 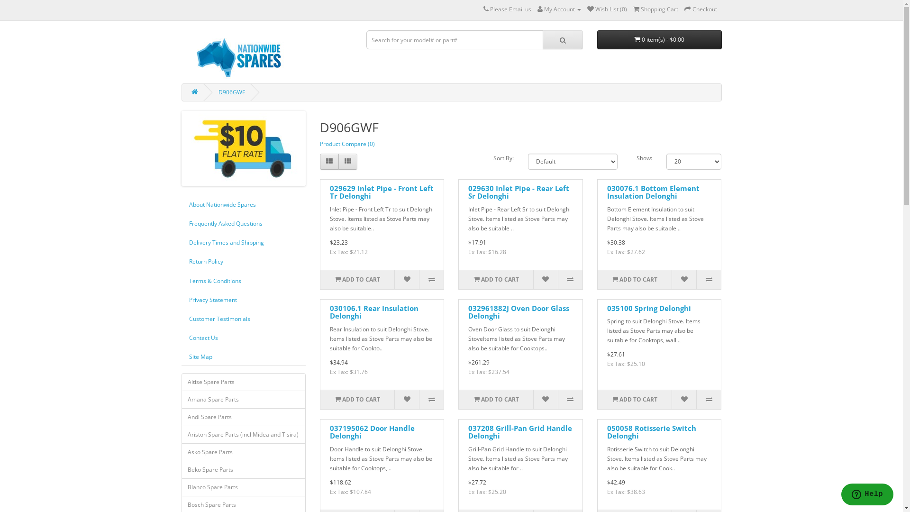 What do you see at coordinates (218, 92) in the screenshot?
I see `'D906GWF'` at bounding box center [218, 92].